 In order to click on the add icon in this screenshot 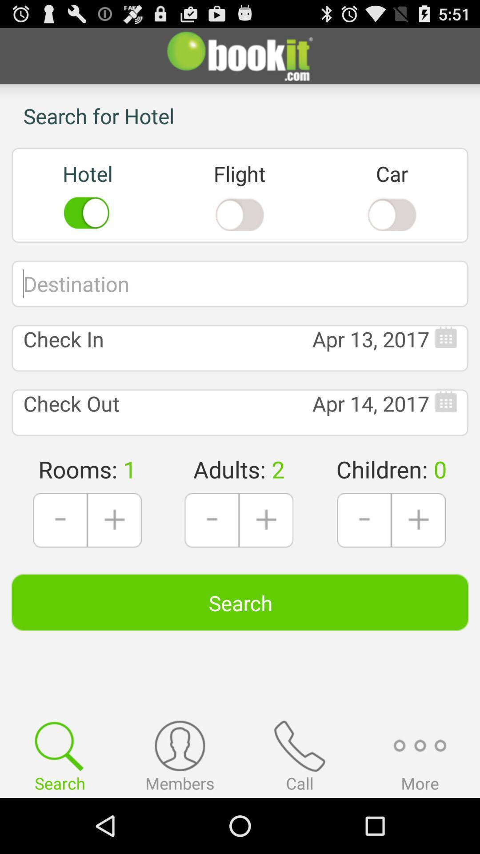, I will do `click(265, 556)`.